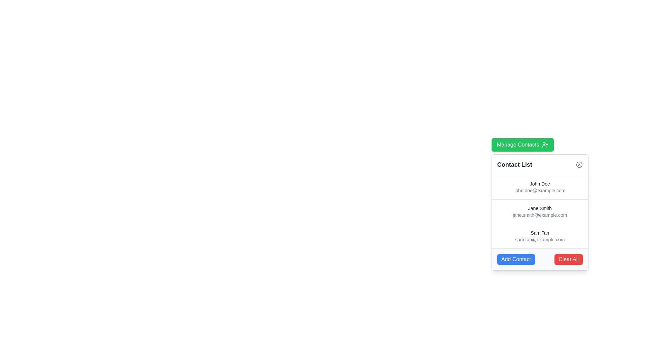  Describe the element at coordinates (522, 145) in the screenshot. I see `the 'Manage Contacts' button, which has white text on a green background and a user icon with a plus sign, located at the top of the contact interface` at that location.